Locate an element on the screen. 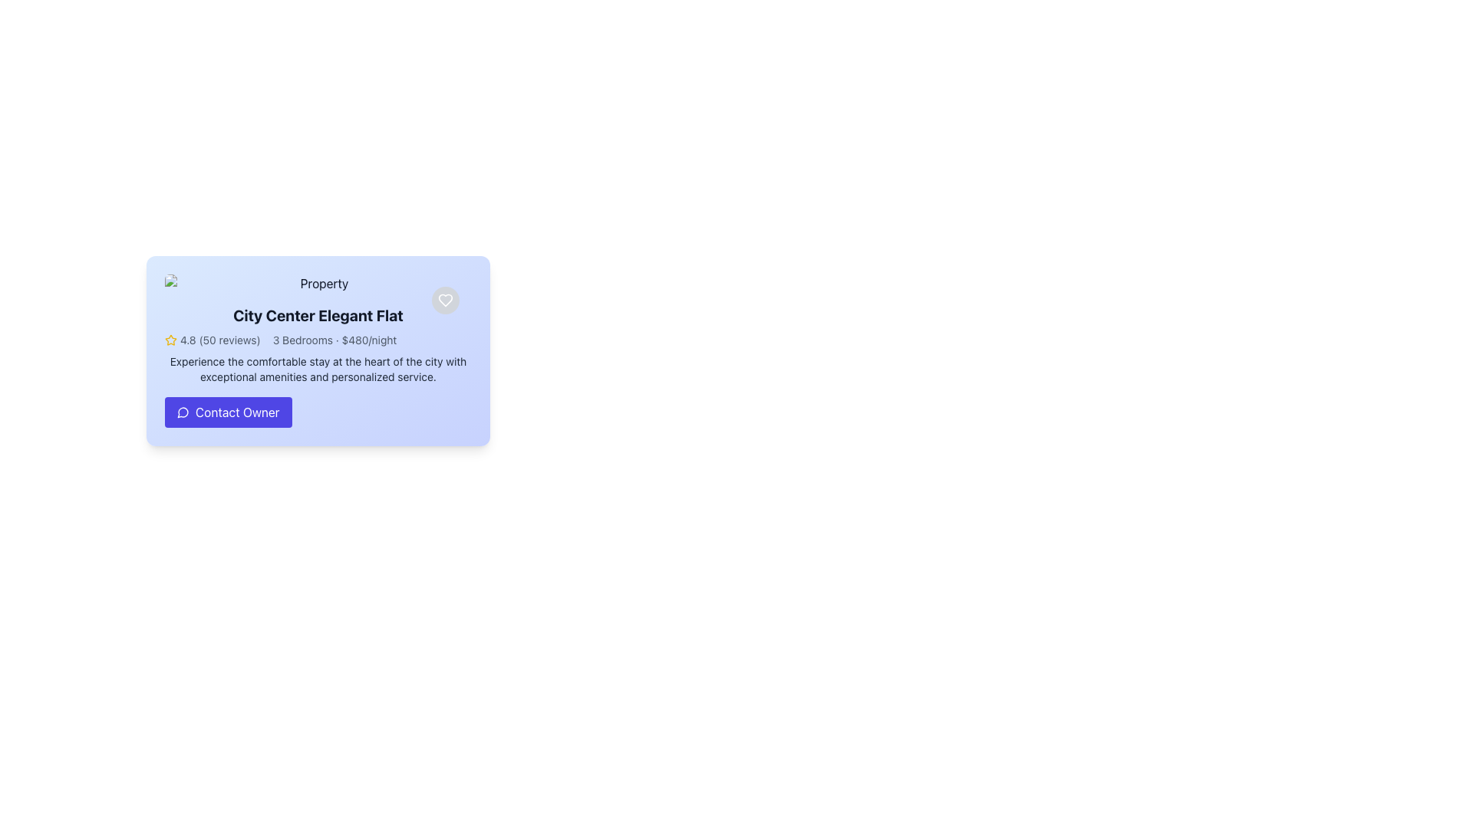 This screenshot has height=828, width=1473. the text label that states '3 Bedrooms · $480/night', which is located beneath the title 'City Center Elegant Flat' and adjacent to '4.8 (50 reviews)' is located at coordinates (334, 339).